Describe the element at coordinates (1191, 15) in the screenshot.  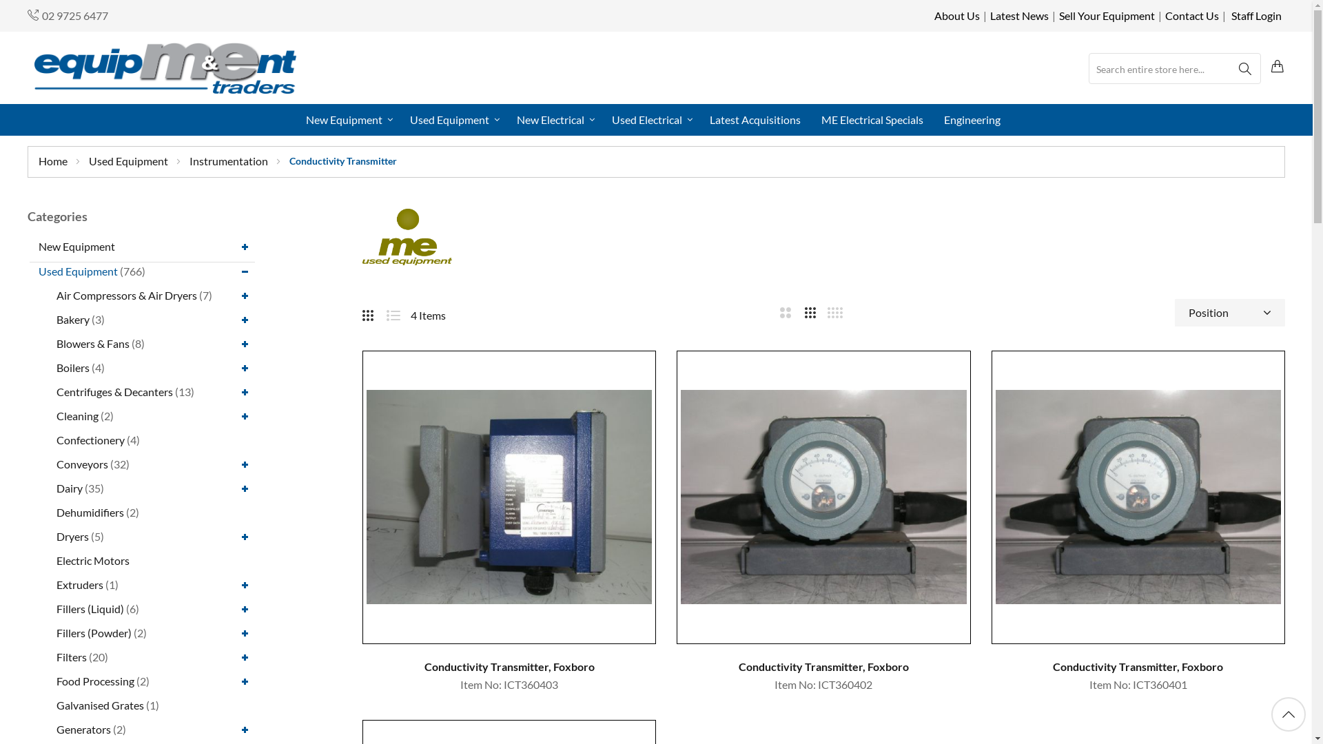
I see `'Contact Us'` at that location.